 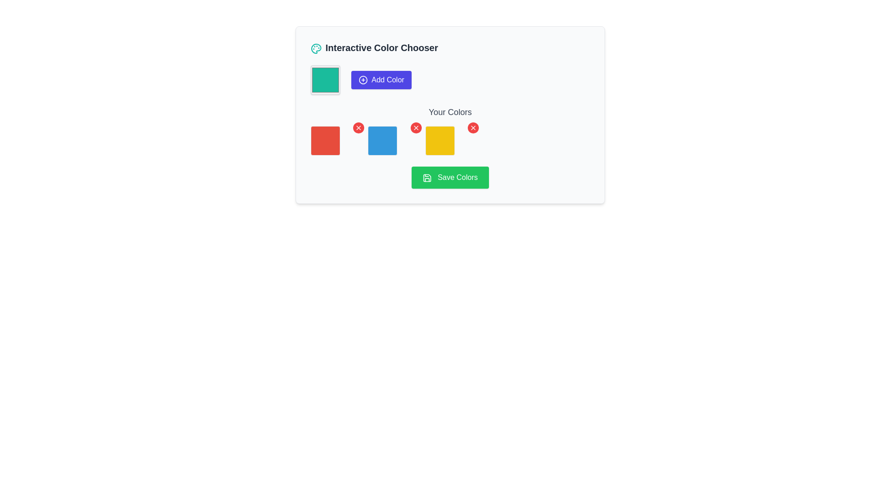 What do you see at coordinates (362, 79) in the screenshot?
I see `the SVG circle element that is part of the 'circle plus' icon located to the left of the 'Add Color' button` at bounding box center [362, 79].